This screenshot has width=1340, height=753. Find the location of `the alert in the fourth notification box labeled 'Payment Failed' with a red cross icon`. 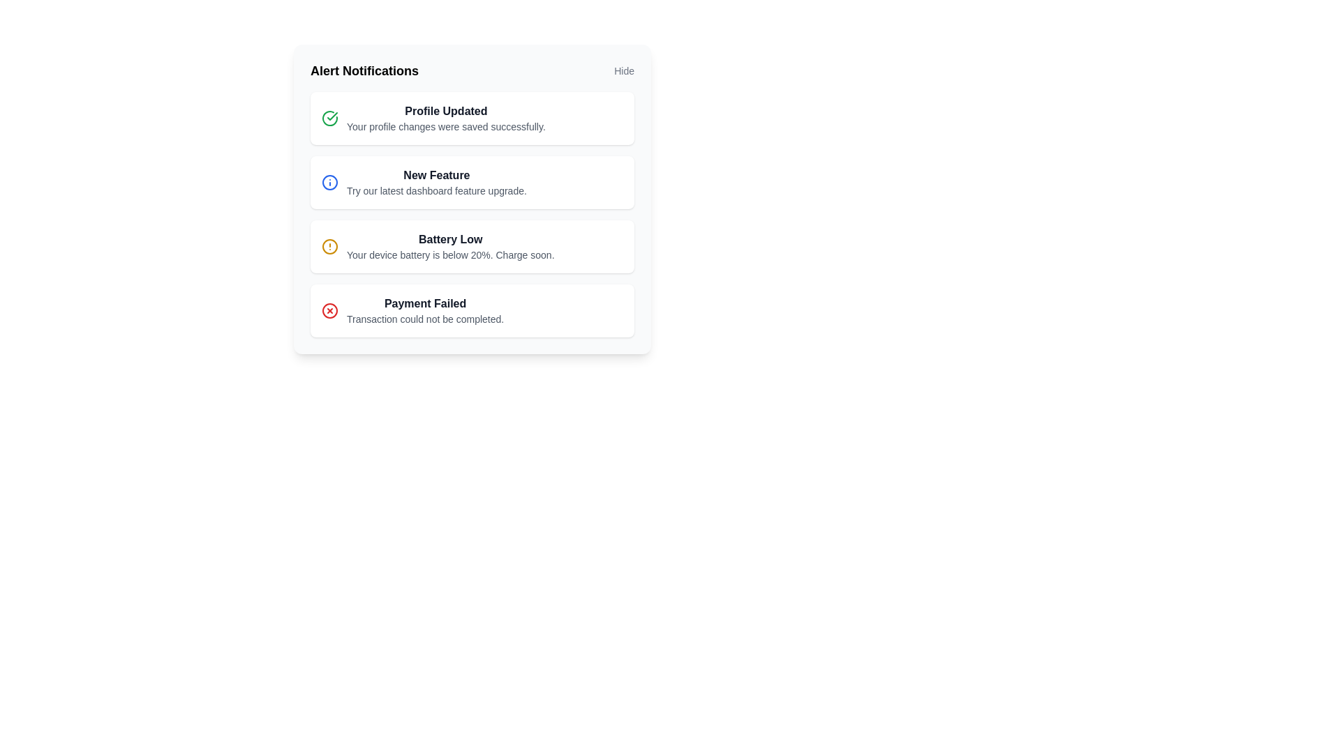

the alert in the fourth notification box labeled 'Payment Failed' with a red cross icon is located at coordinates (472, 310).